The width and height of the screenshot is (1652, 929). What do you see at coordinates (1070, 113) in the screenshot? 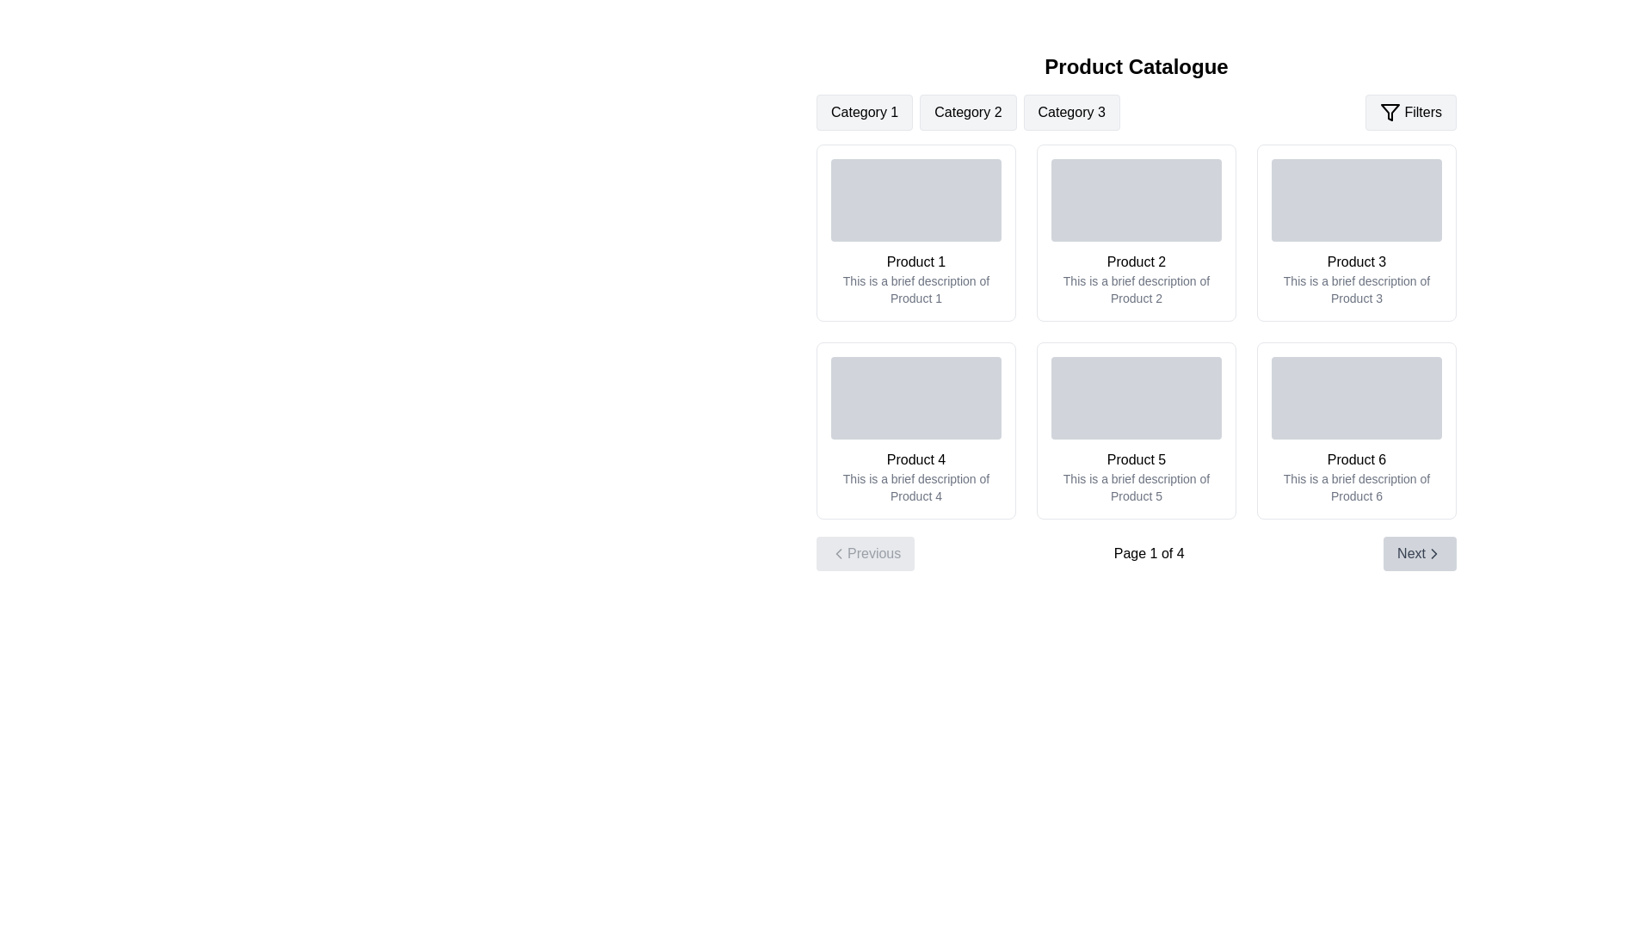
I see `the 'Category 3' tab button styled with a light gray background and bold black text to trigger hover effects` at bounding box center [1070, 113].